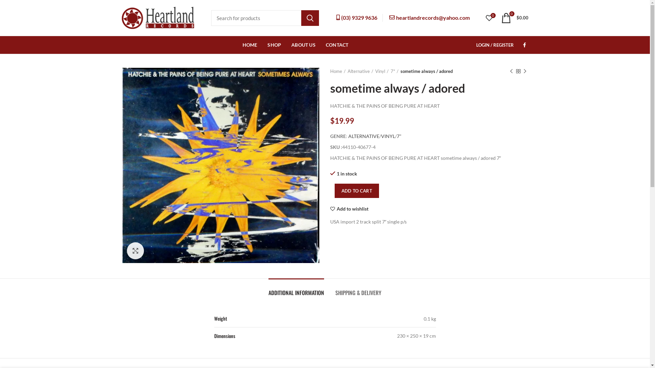 This screenshot has height=368, width=655. Describe the element at coordinates (309, 18) in the screenshot. I see `'SEARCH'` at that location.